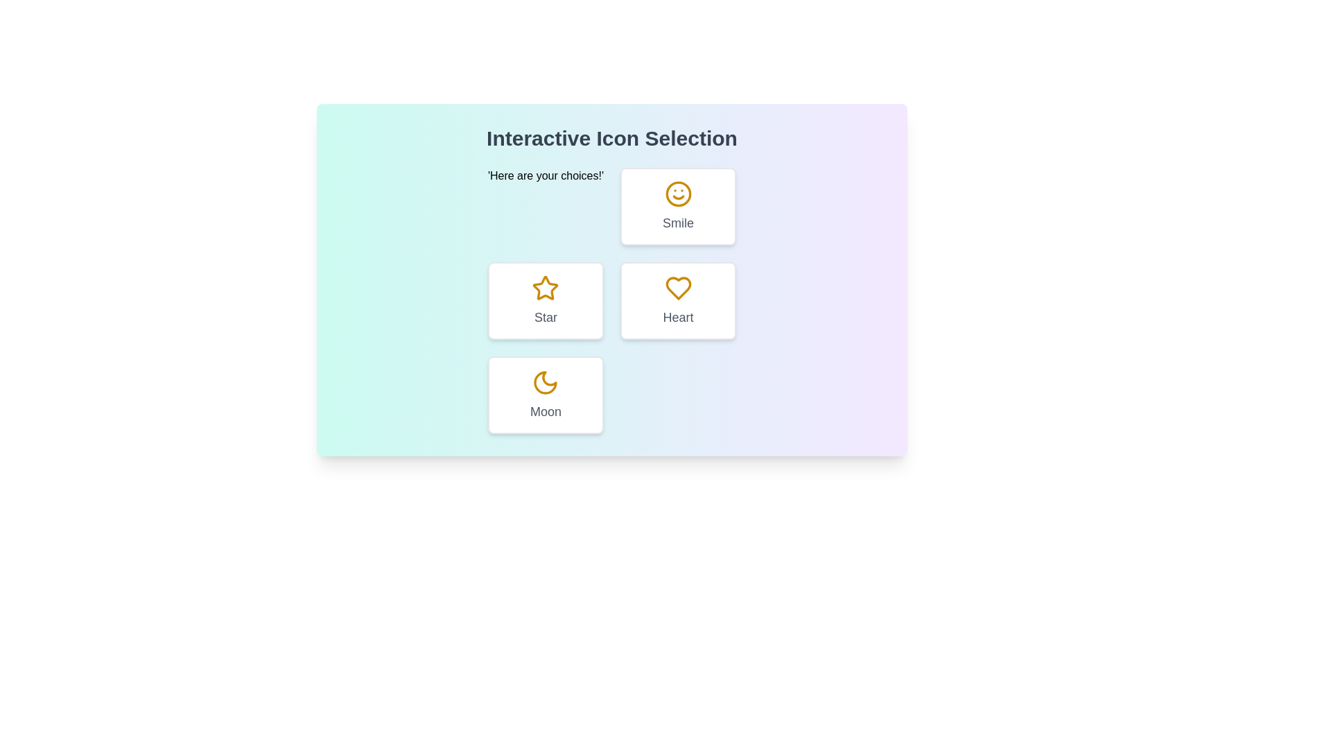 The image size is (1331, 749). What do you see at coordinates (545, 382) in the screenshot?
I see `the Moon icon located at the top of the bottom center card in a grid of four selectable cards` at bounding box center [545, 382].